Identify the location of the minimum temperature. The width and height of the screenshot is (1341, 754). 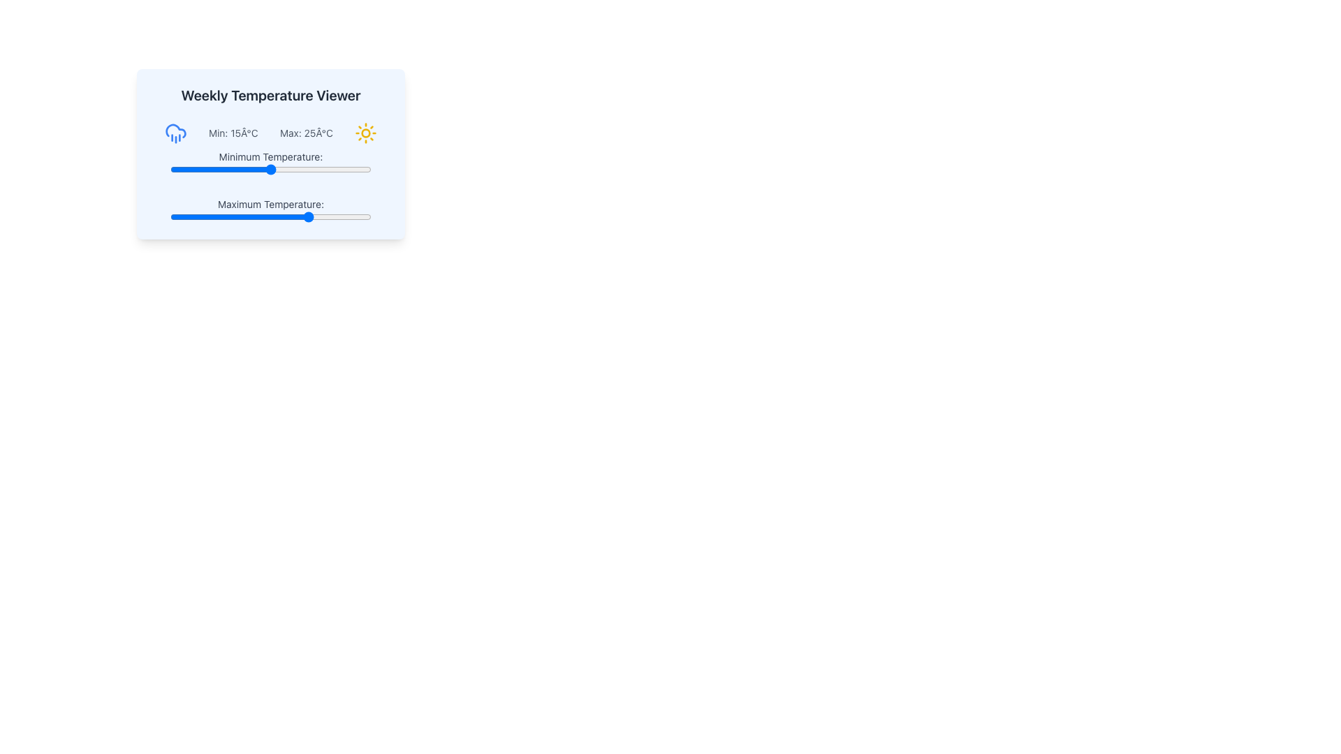
(251, 169).